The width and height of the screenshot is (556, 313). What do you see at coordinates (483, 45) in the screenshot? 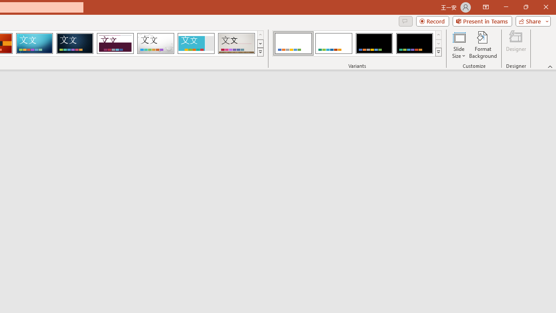
I see `'Format Background'` at bounding box center [483, 45].